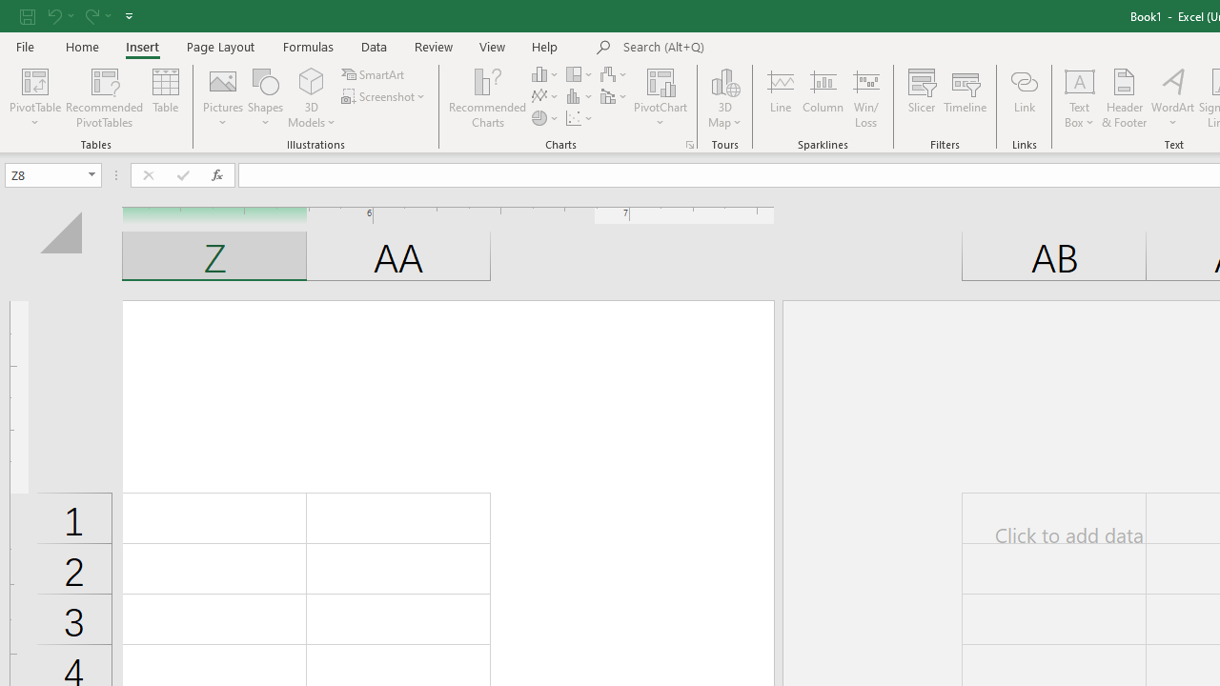 The image size is (1220, 686). What do you see at coordinates (579, 96) in the screenshot?
I see `'Insert Statistic Chart'` at bounding box center [579, 96].